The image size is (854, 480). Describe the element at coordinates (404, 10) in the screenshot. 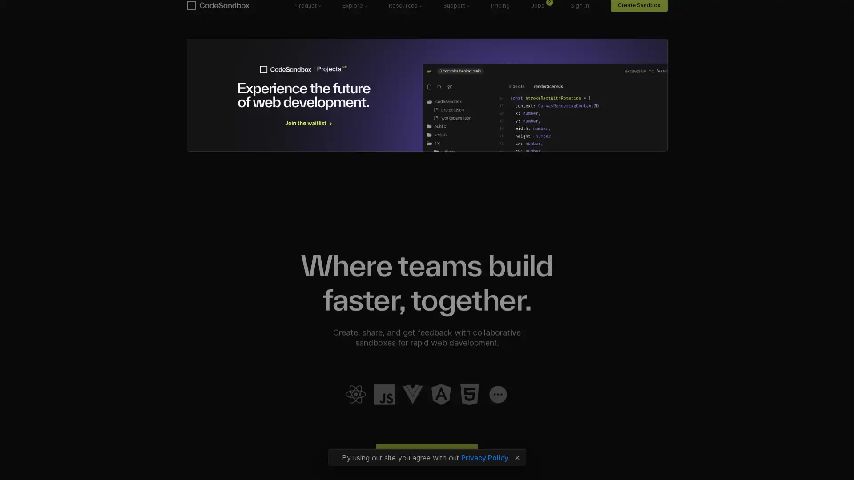

I see `Resources` at that location.